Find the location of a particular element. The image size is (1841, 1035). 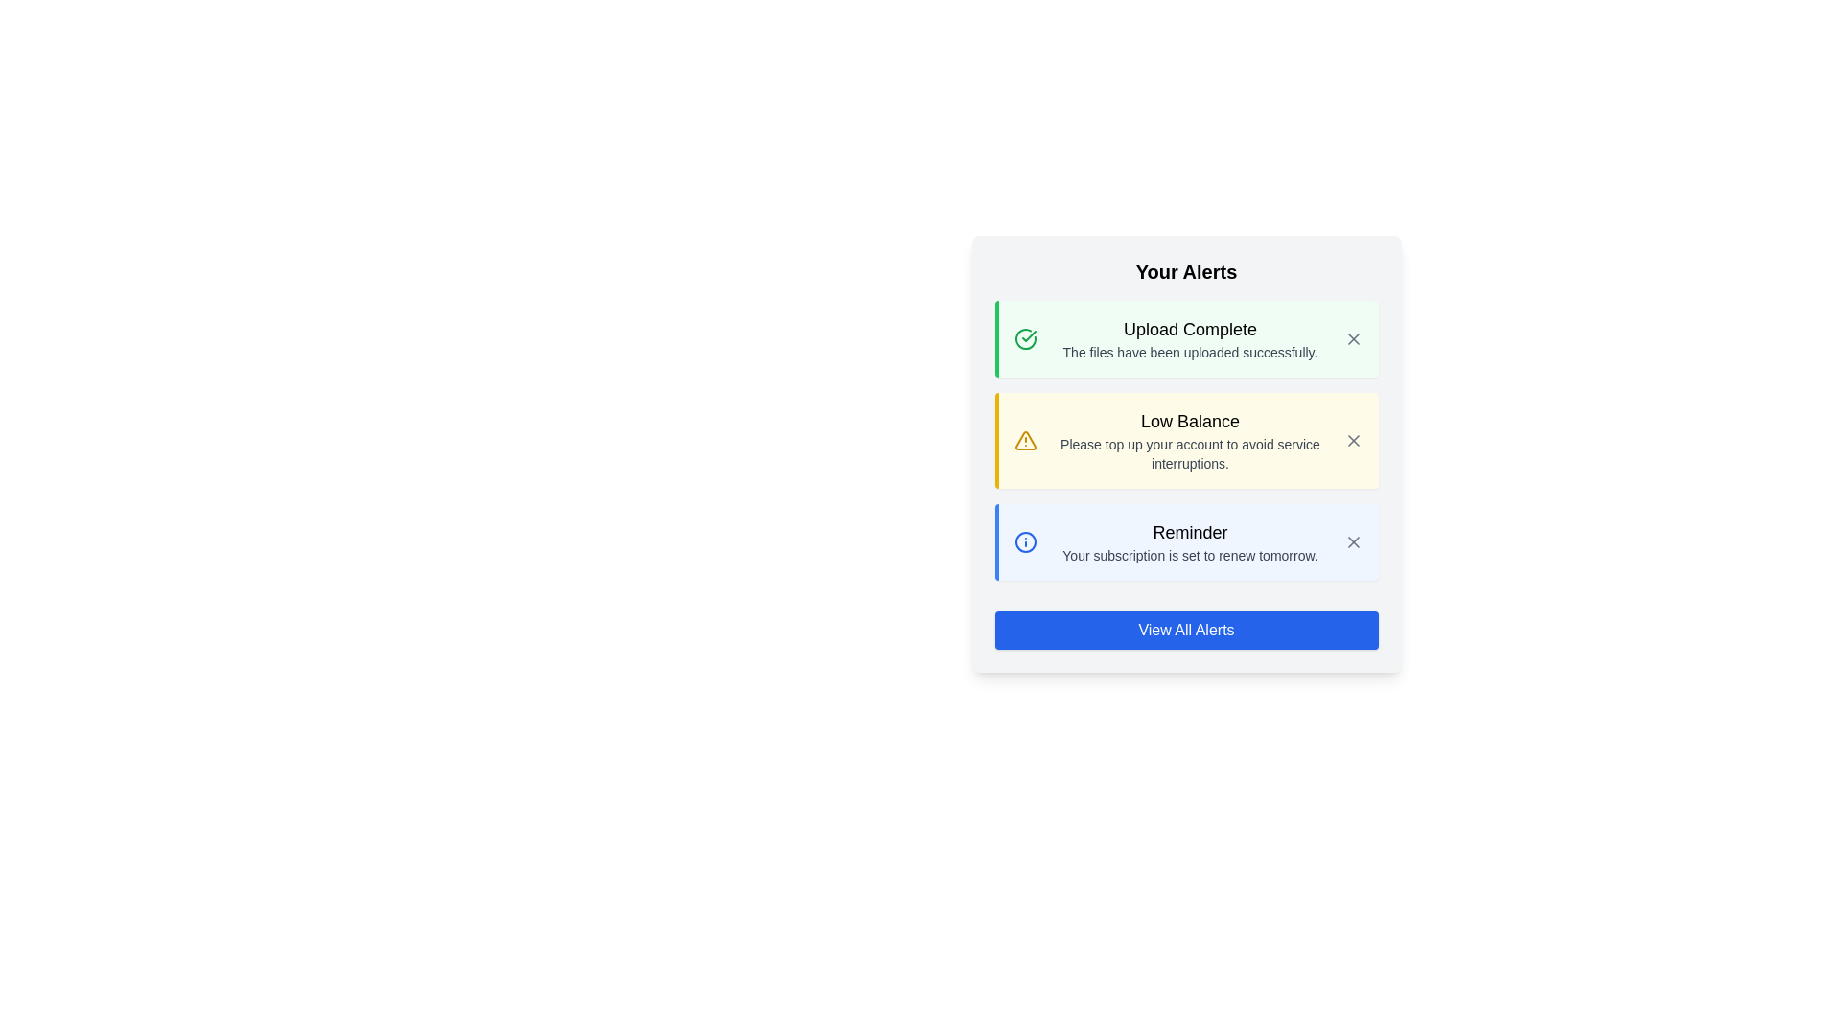

the 'Reminder' text label, which is bold and located at the top of the reminder notification in the alert panel, within a light blue area is located at coordinates (1189, 532).